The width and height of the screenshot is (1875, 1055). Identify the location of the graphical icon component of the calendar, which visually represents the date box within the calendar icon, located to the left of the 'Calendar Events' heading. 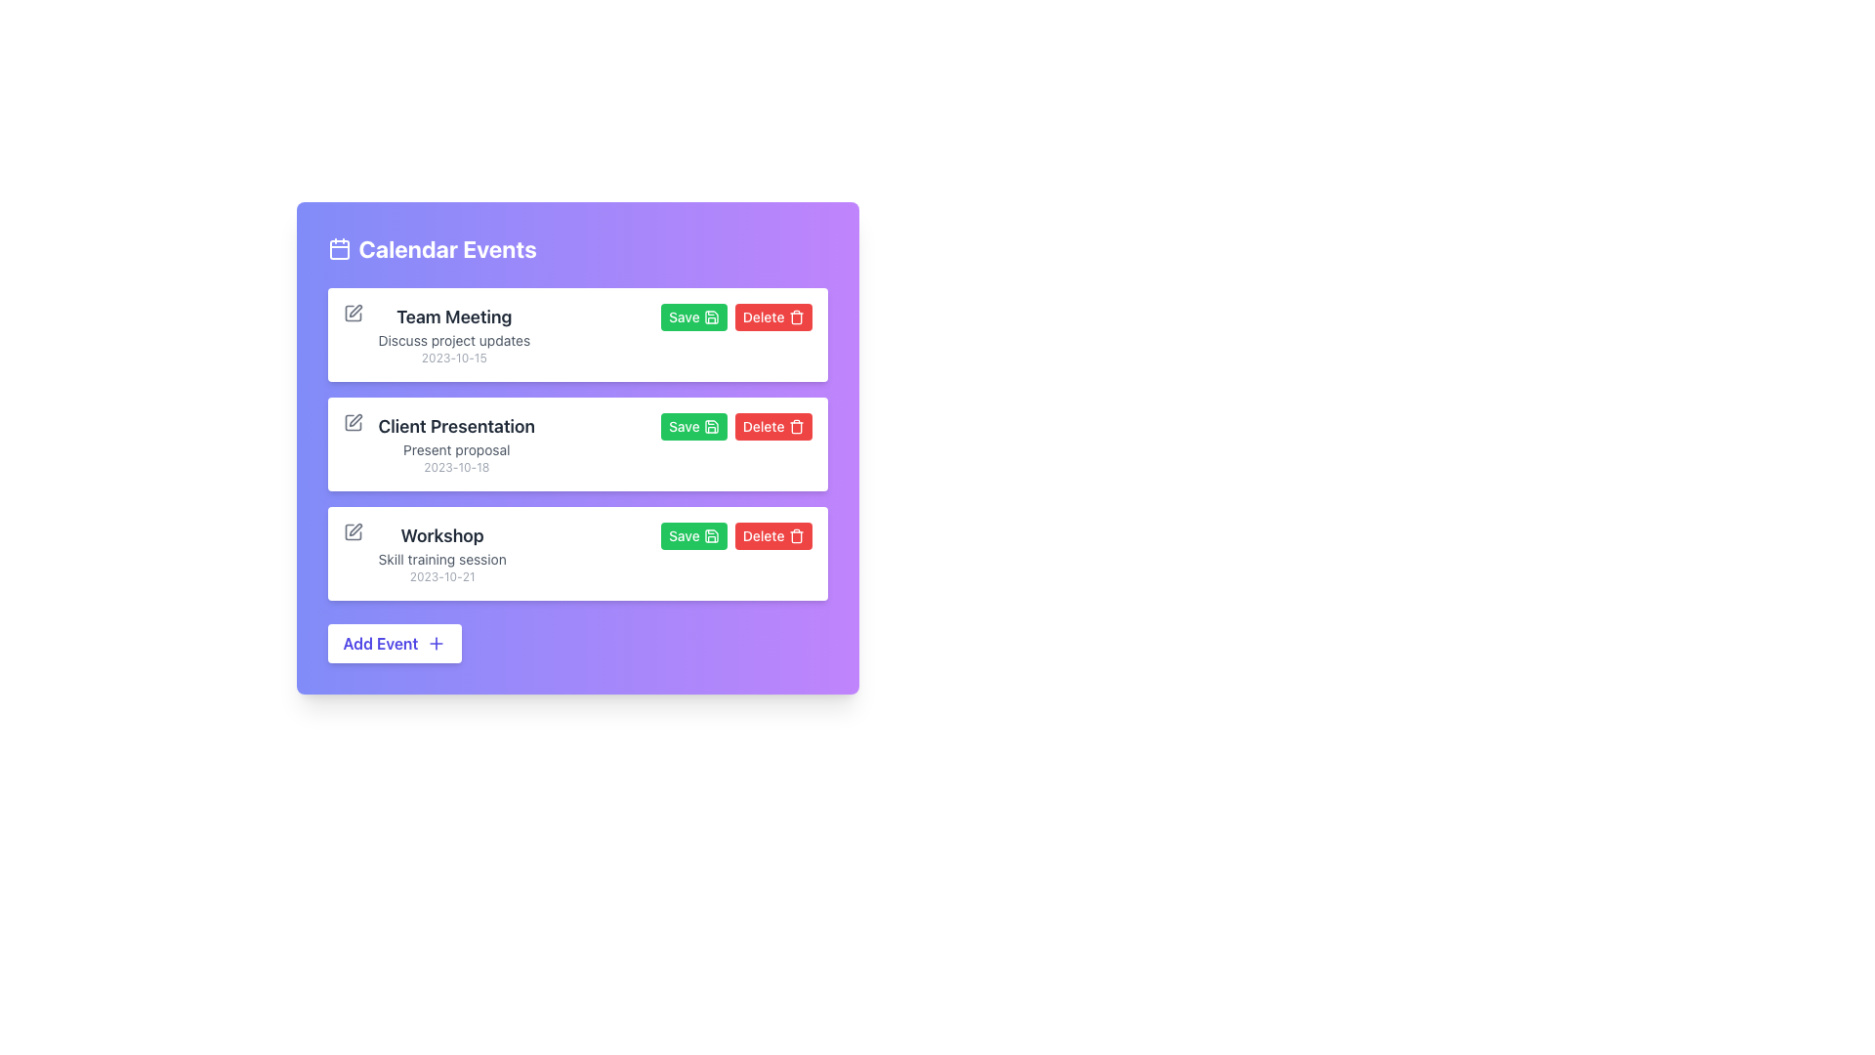
(339, 248).